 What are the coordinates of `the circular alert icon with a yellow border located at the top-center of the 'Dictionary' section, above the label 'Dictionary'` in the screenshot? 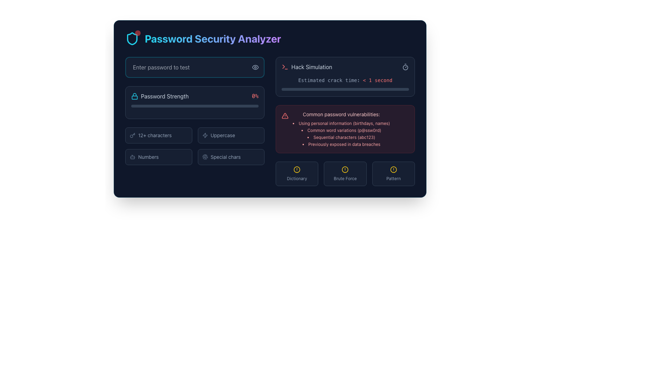 It's located at (297, 170).